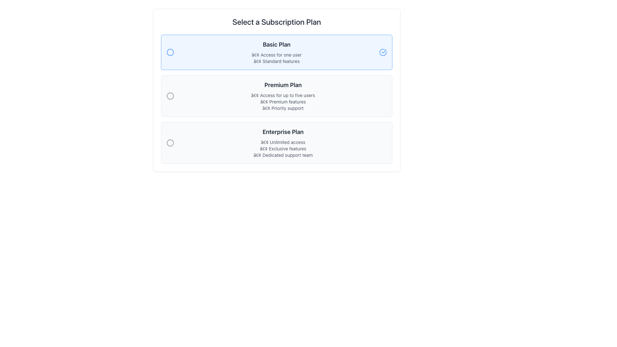 The height and width of the screenshot is (347, 617). Describe the element at coordinates (283, 95) in the screenshot. I see `text element stating '• Access for up to five users.' which is the first bullet point in the 'Premium Plan' group` at that location.